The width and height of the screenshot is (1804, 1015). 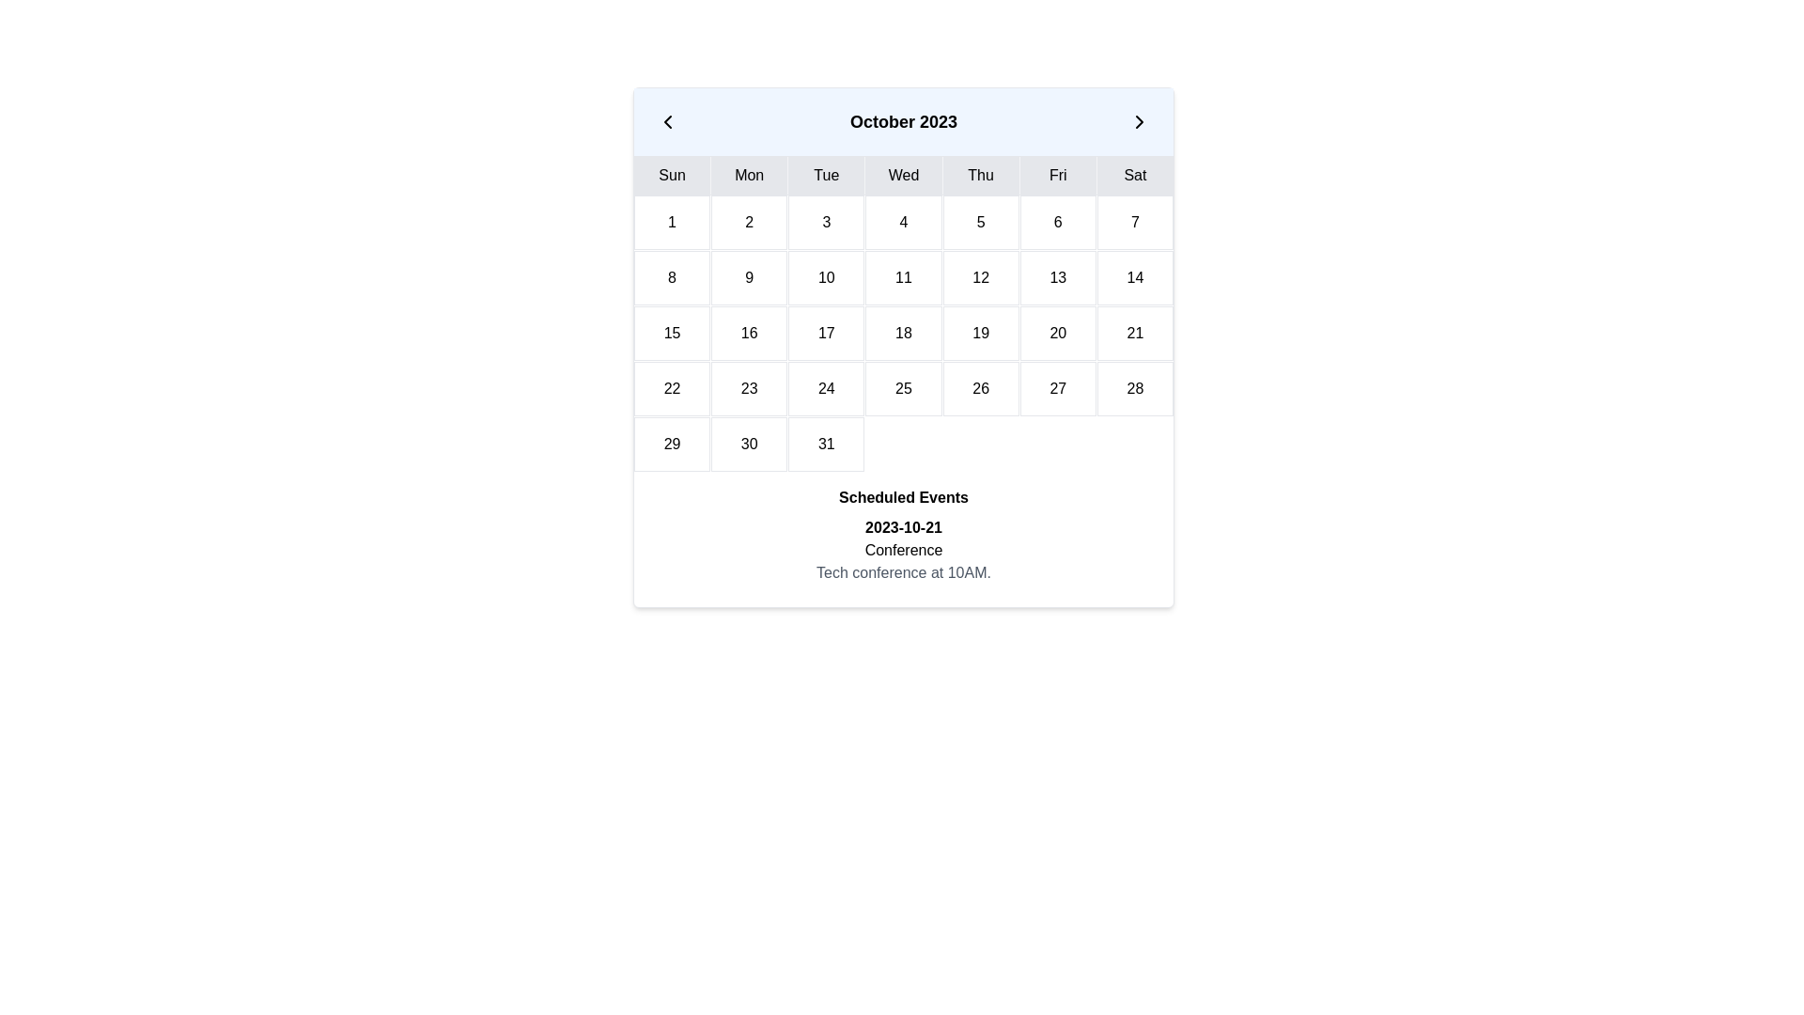 What do you see at coordinates (1058, 387) in the screenshot?
I see `the Text Display (Date Selector) containing the number '27', located in the sixth column and fourth row of the calendar grid` at bounding box center [1058, 387].